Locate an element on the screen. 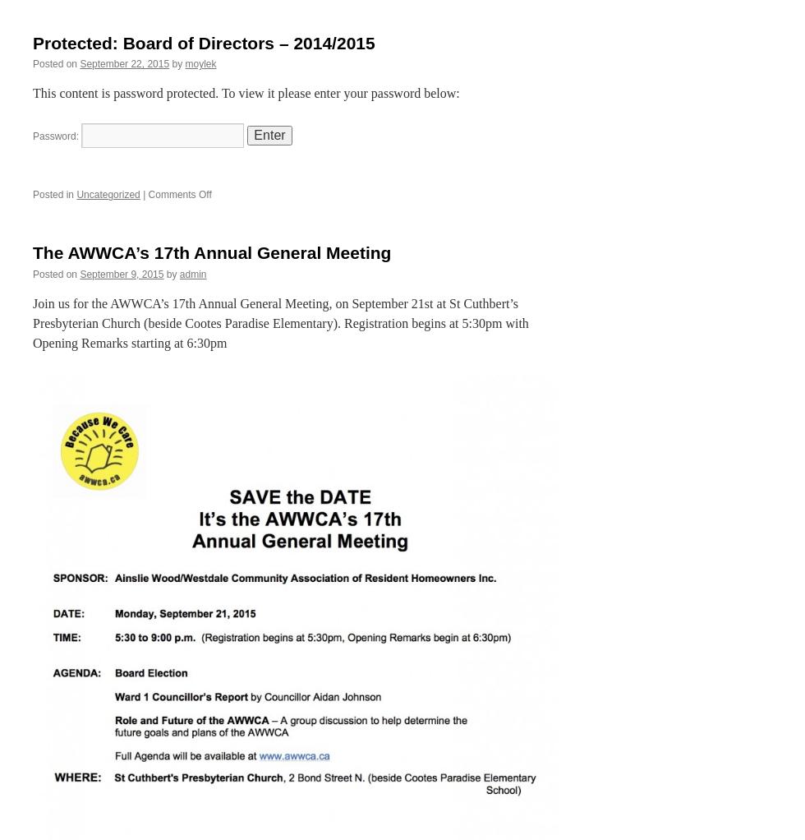  'Password:' is located at coordinates (57, 135).